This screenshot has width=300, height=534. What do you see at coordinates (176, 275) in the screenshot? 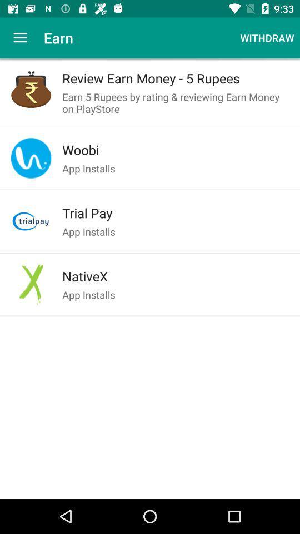
I see `the icon below app installs icon` at bounding box center [176, 275].